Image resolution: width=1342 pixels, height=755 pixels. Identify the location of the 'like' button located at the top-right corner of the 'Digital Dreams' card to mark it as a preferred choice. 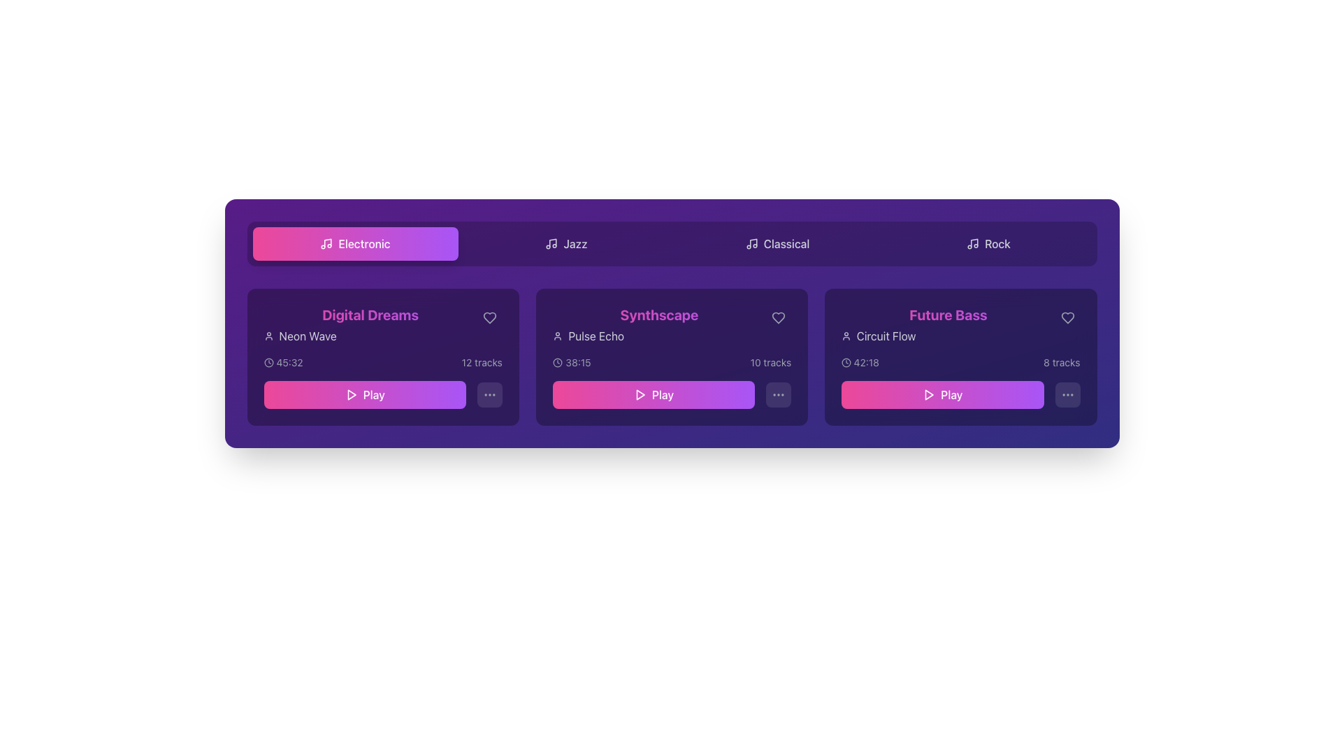
(489, 318).